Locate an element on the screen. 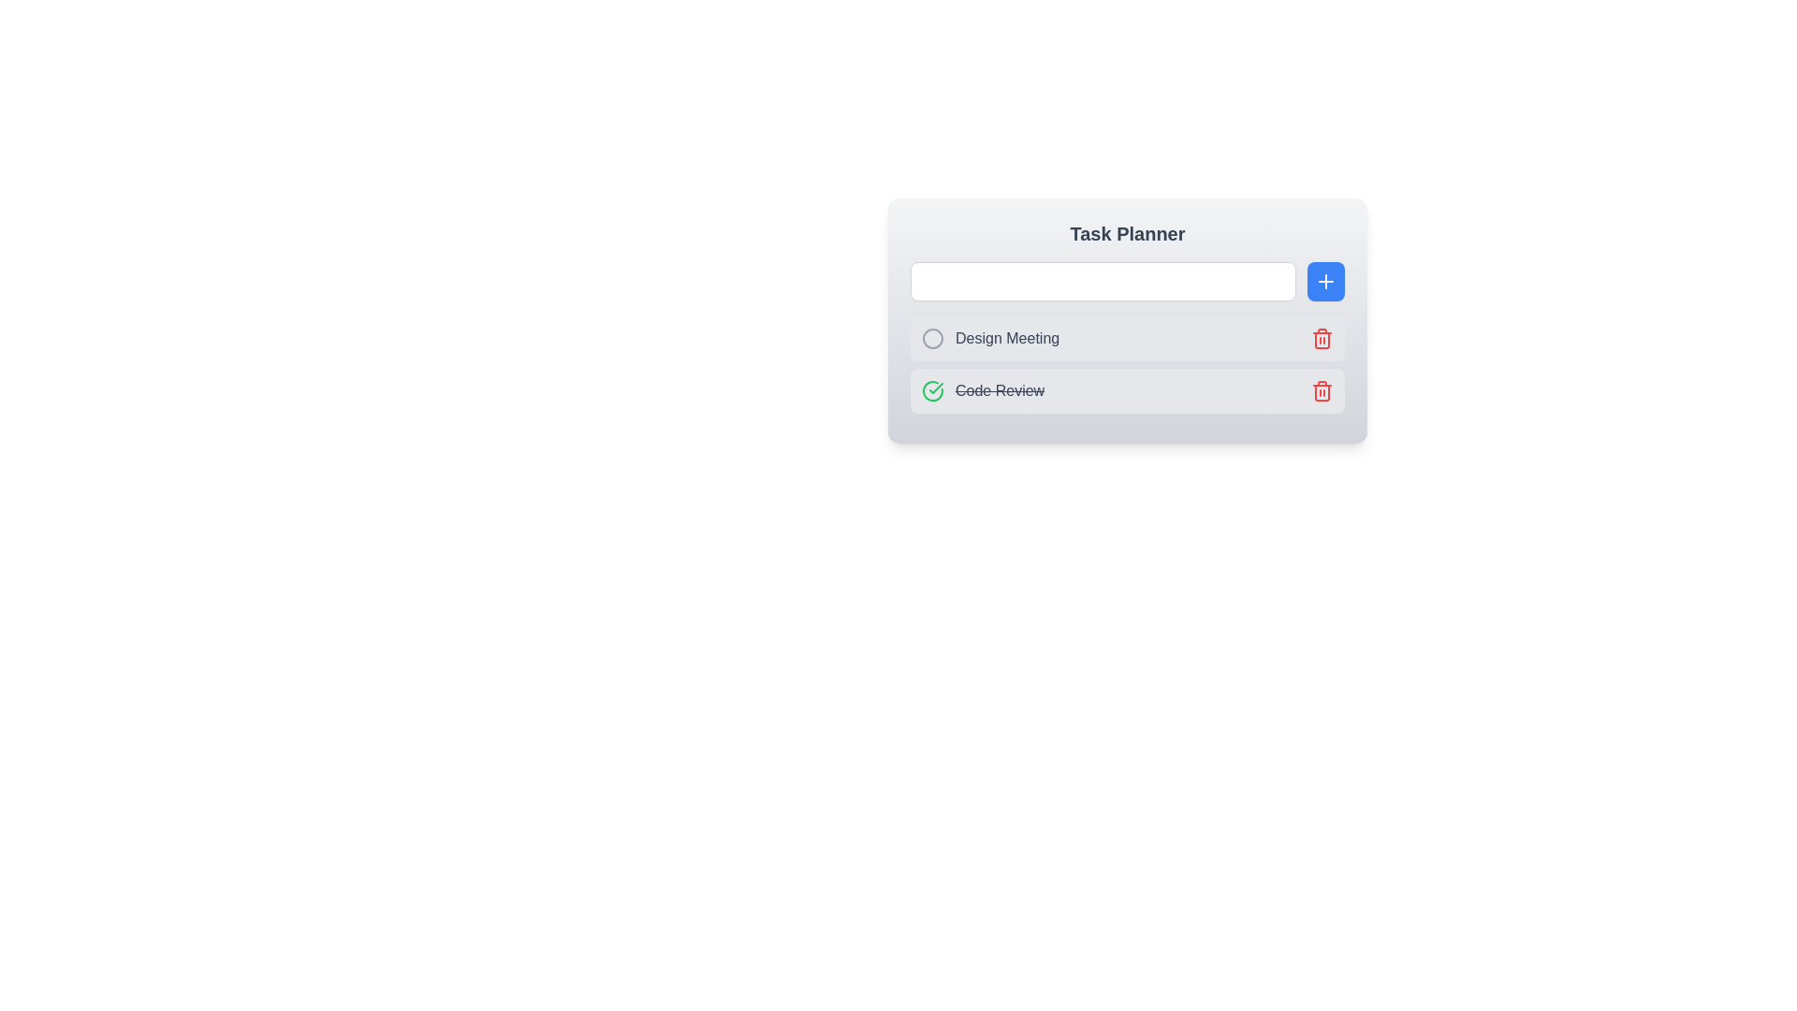 This screenshot has height=1011, width=1797. the delete button for the task in the second row of the task list, which is indicated by a trash bin icon is located at coordinates (1321, 339).